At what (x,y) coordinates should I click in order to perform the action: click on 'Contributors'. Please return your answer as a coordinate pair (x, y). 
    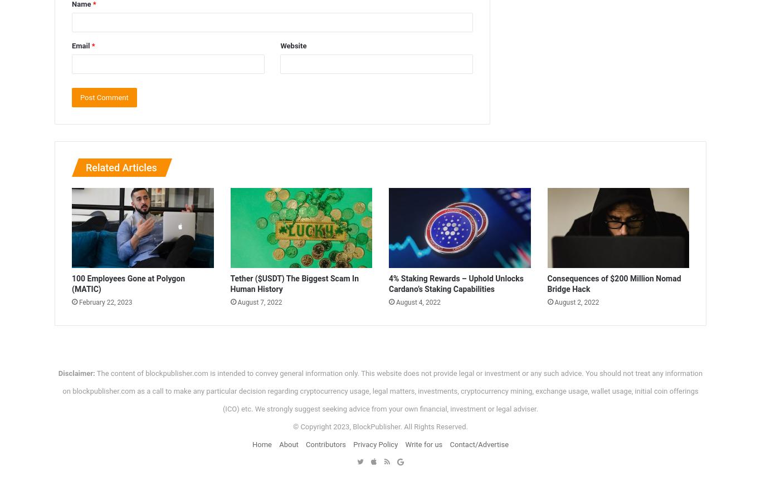
    Looking at the image, I should click on (325, 443).